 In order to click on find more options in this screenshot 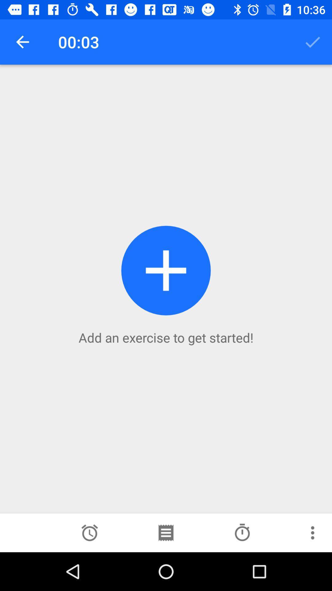, I will do `click(313, 533)`.